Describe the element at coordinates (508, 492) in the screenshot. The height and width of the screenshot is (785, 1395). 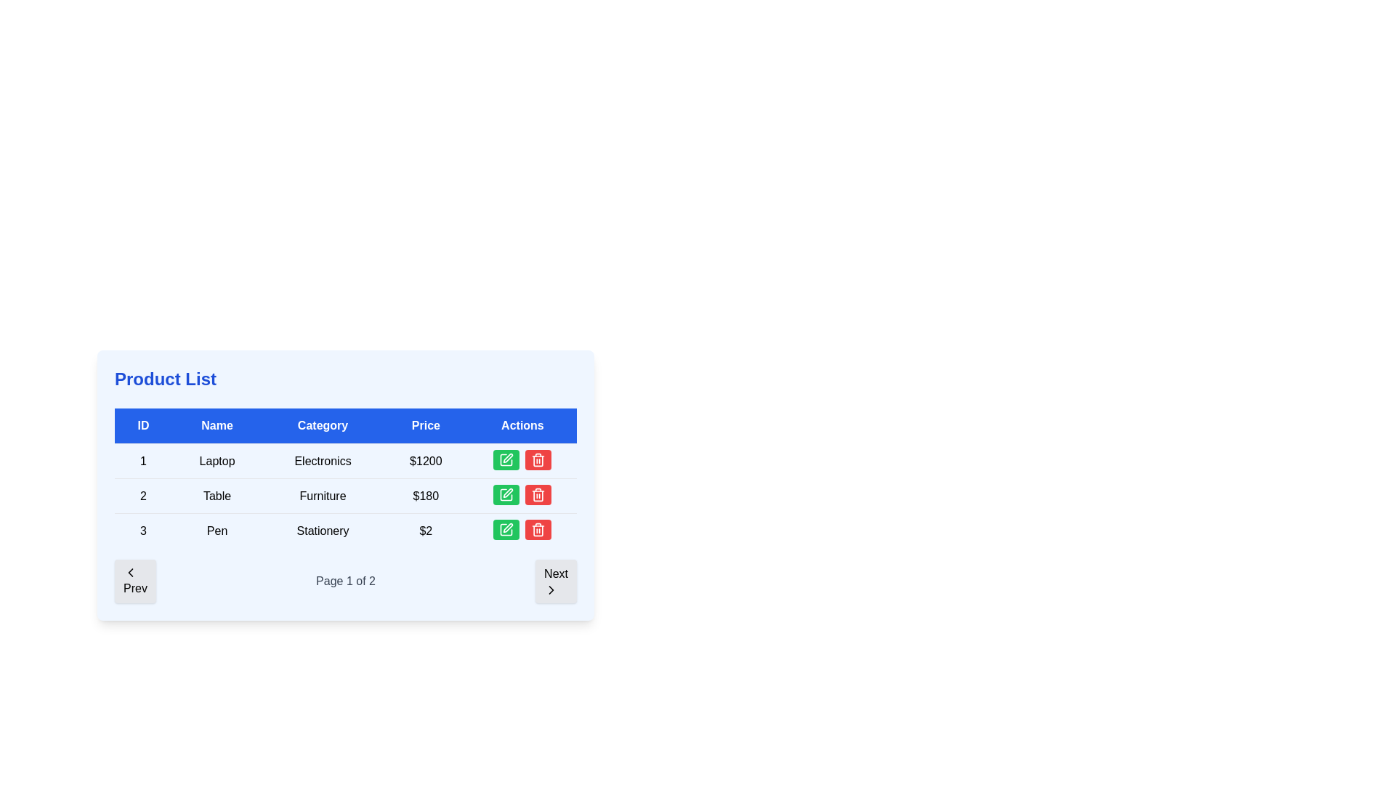
I see `the 'edit' icon in the Actions column of the second row in the Product List table` at that location.